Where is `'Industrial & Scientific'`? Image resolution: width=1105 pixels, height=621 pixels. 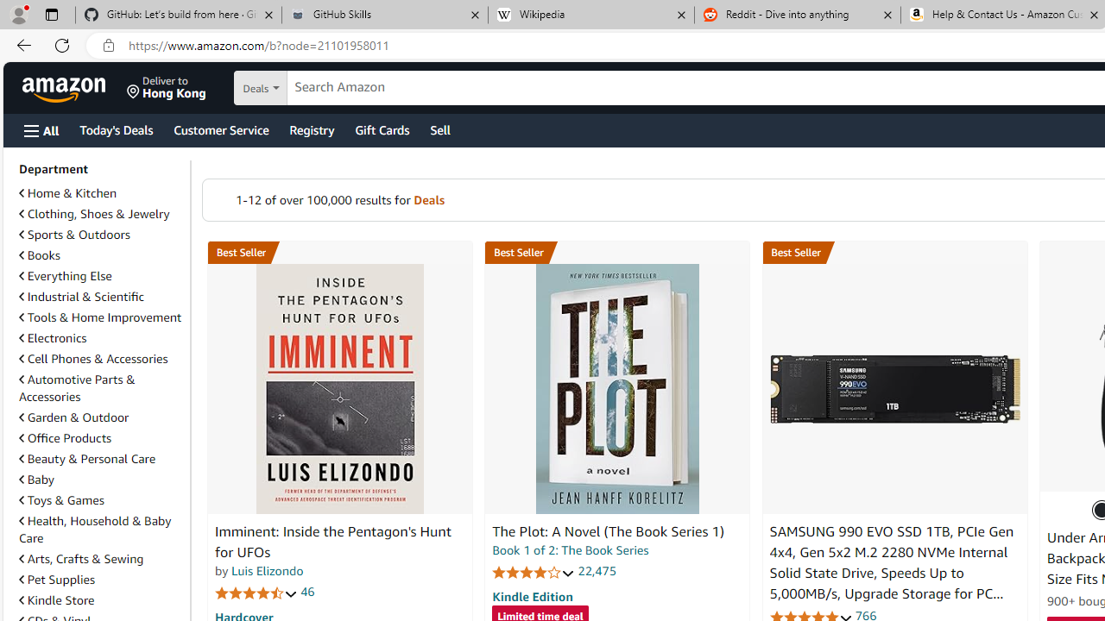 'Industrial & Scientific' is located at coordinates (80, 295).